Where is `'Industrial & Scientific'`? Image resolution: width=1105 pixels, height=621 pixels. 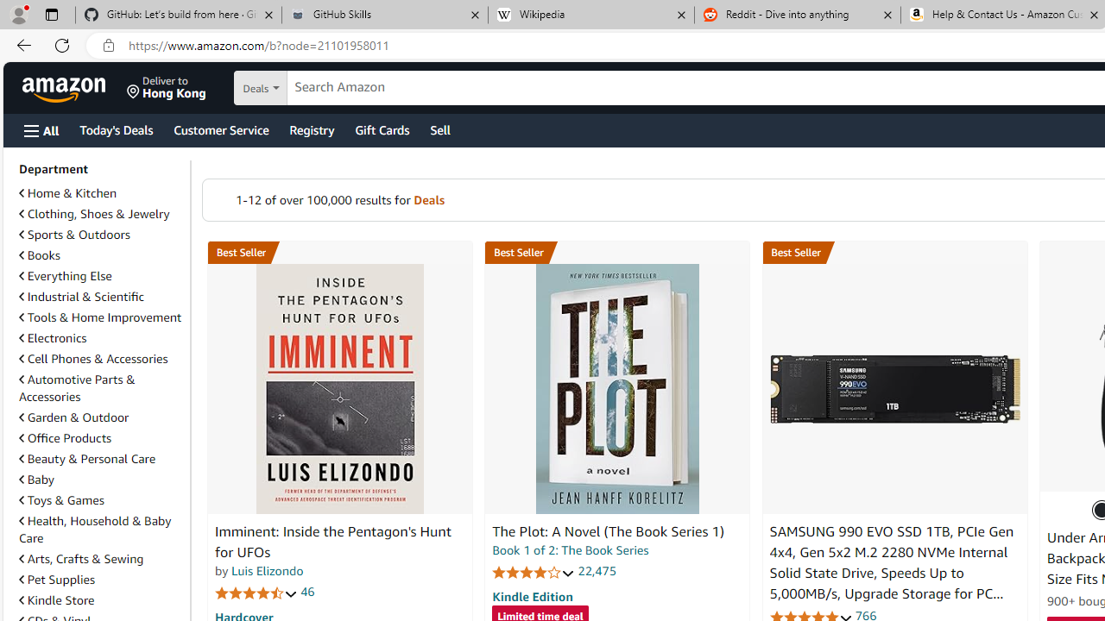 'Industrial & Scientific' is located at coordinates (80, 295).